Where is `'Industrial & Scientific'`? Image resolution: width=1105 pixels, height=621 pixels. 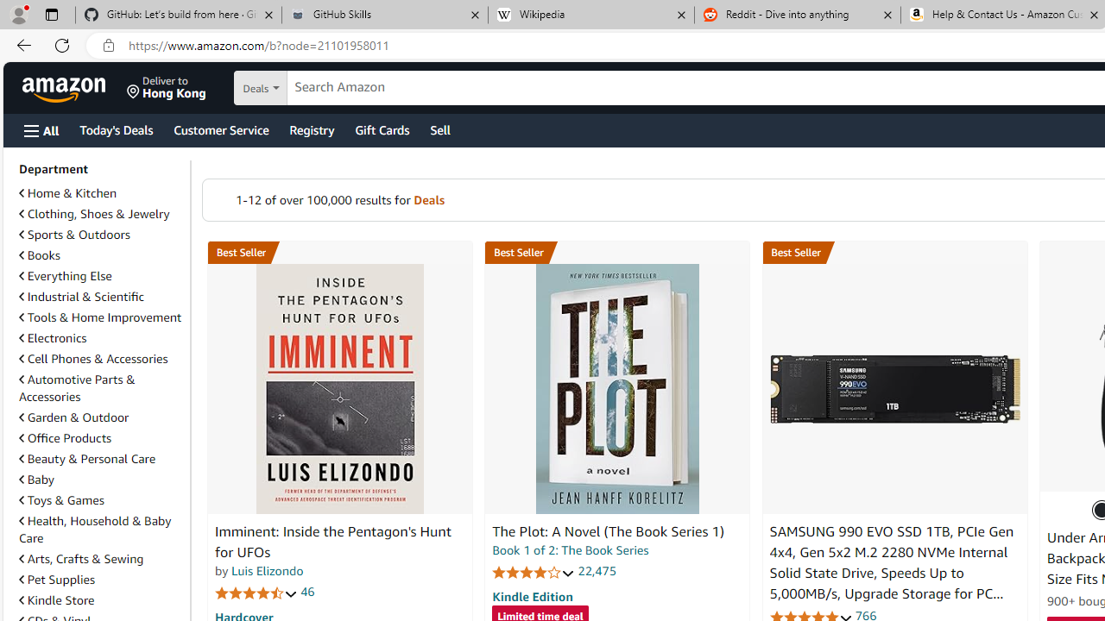 'Industrial & Scientific' is located at coordinates (80, 295).